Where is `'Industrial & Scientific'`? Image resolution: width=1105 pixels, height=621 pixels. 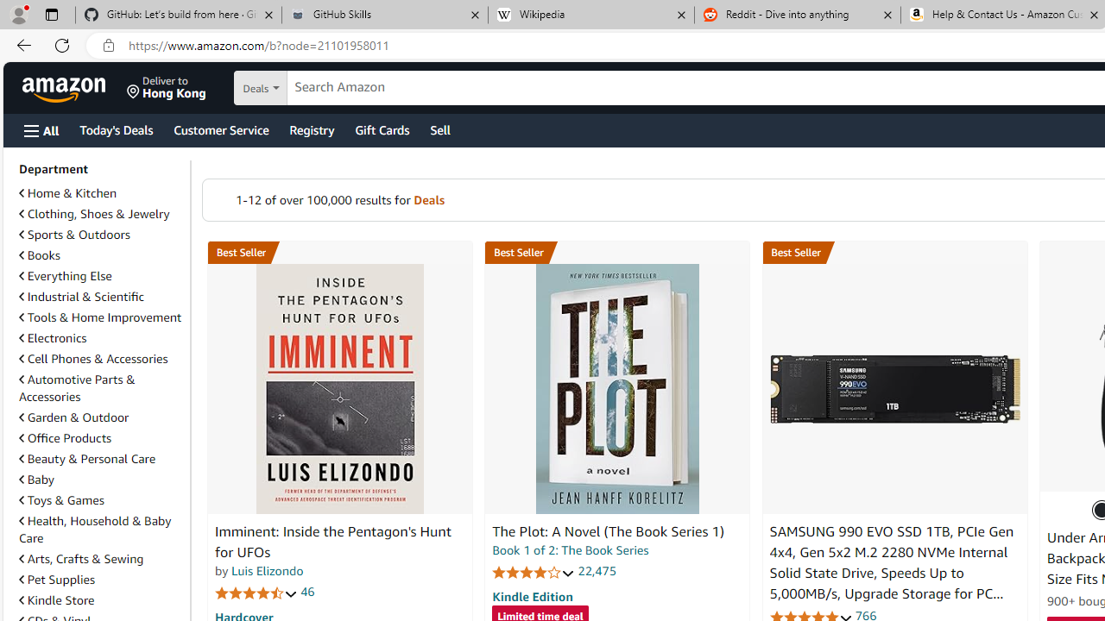 'Industrial & Scientific' is located at coordinates (80, 295).